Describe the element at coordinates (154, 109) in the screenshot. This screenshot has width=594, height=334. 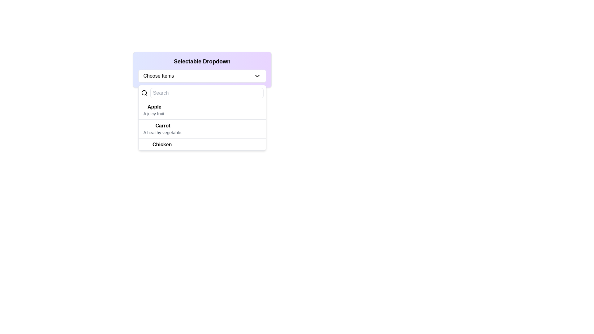
I see `the dropdown list item containing 'Apple' in bold and the description 'A juicy fruit.'` at that location.